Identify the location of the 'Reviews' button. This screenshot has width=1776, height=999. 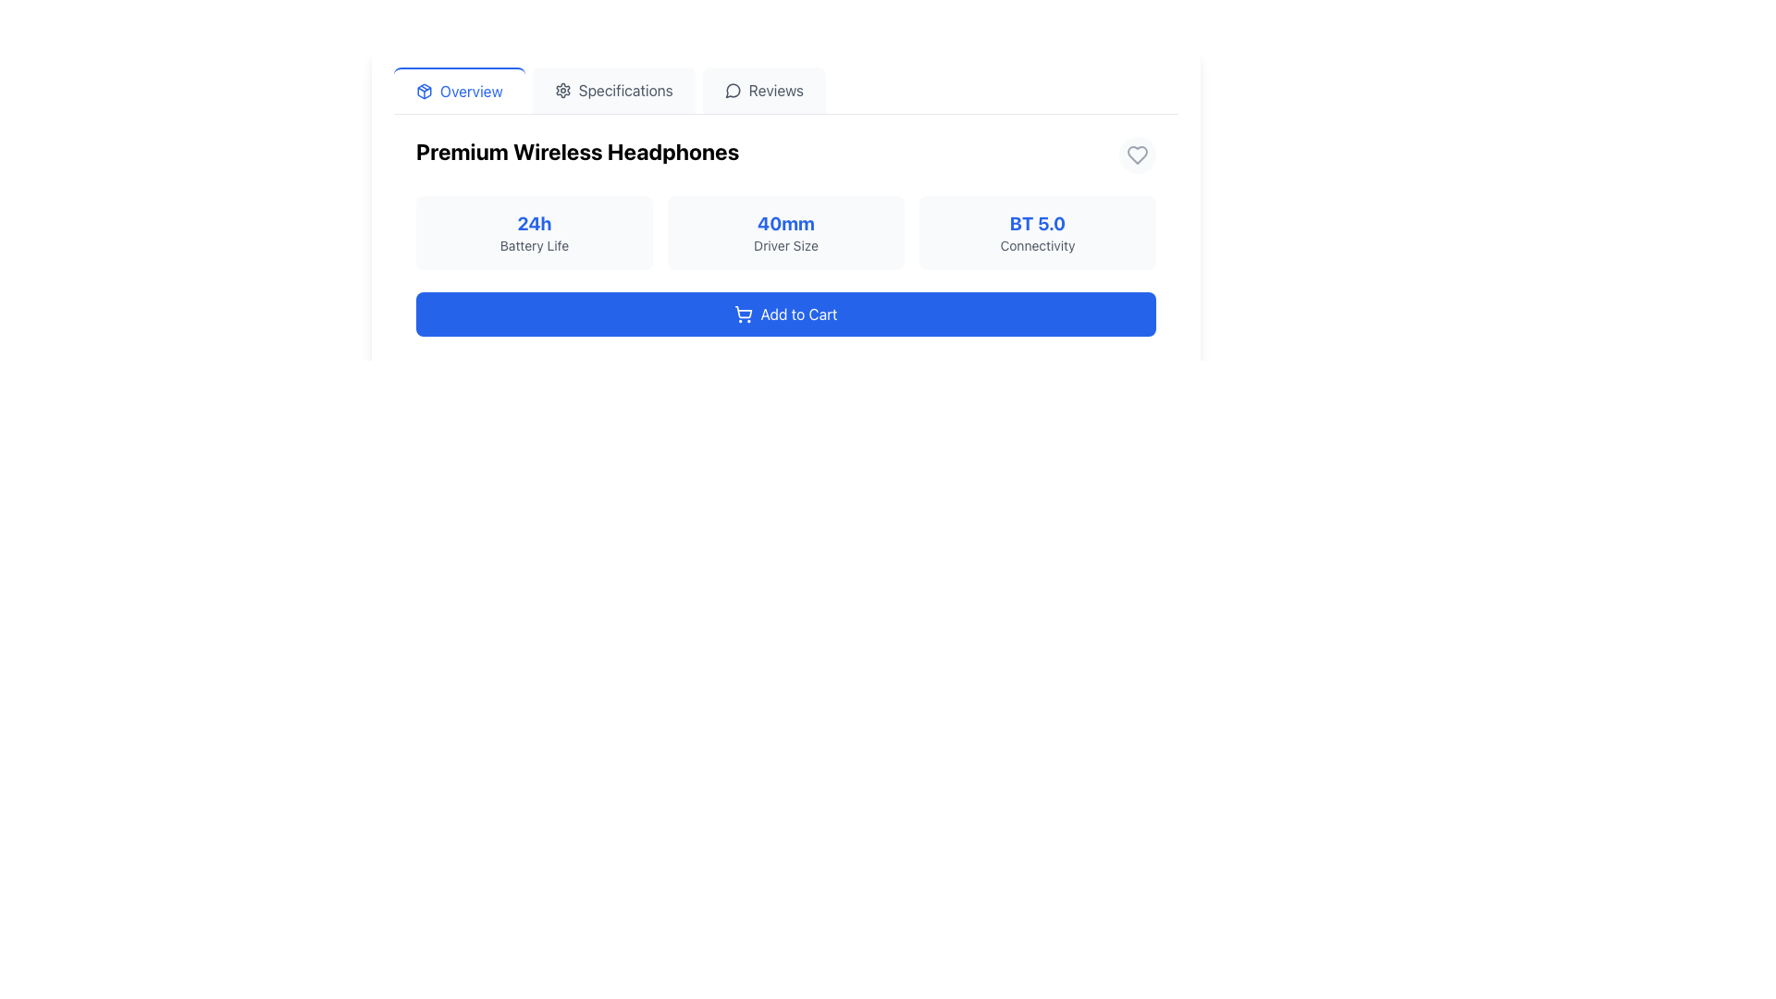
(764, 90).